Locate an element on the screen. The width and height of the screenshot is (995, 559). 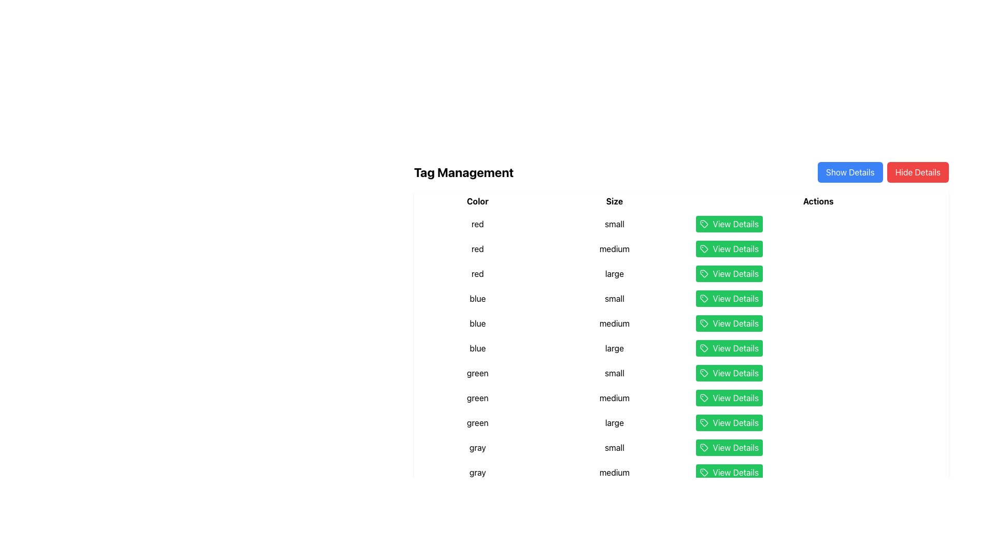
the small green decorative icon located on the left side of the third 'View Details' button in the 'Actions' column, which corresponds to the row with 'green' as the color and 'medium' as the size is located at coordinates (704, 397).